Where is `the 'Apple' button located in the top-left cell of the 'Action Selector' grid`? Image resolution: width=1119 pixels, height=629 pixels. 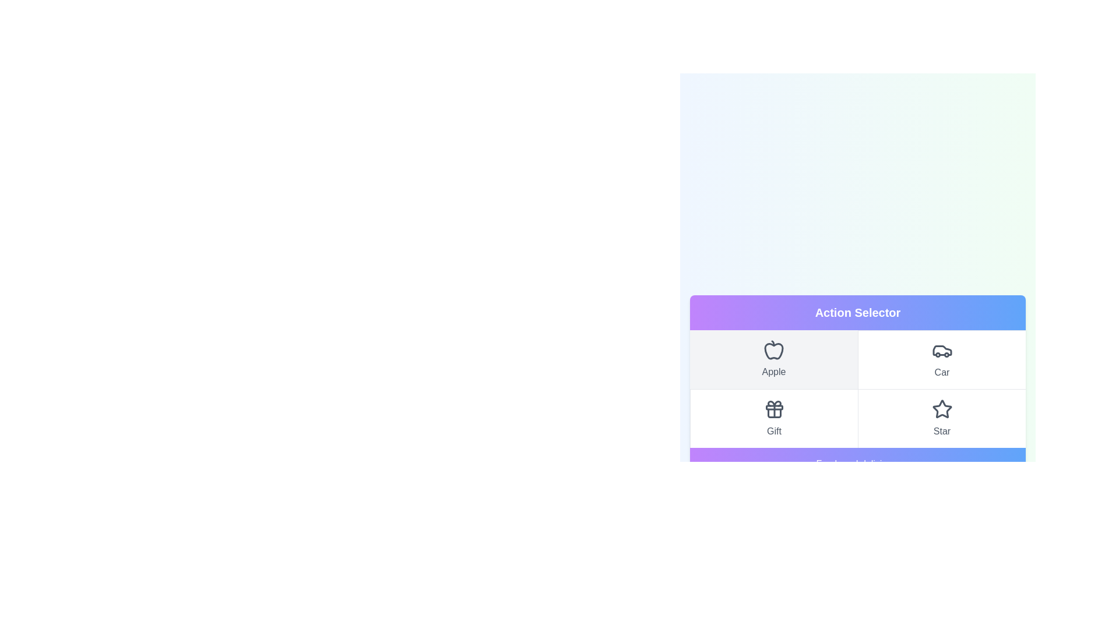 the 'Apple' button located in the top-left cell of the 'Action Selector' grid is located at coordinates (774, 359).